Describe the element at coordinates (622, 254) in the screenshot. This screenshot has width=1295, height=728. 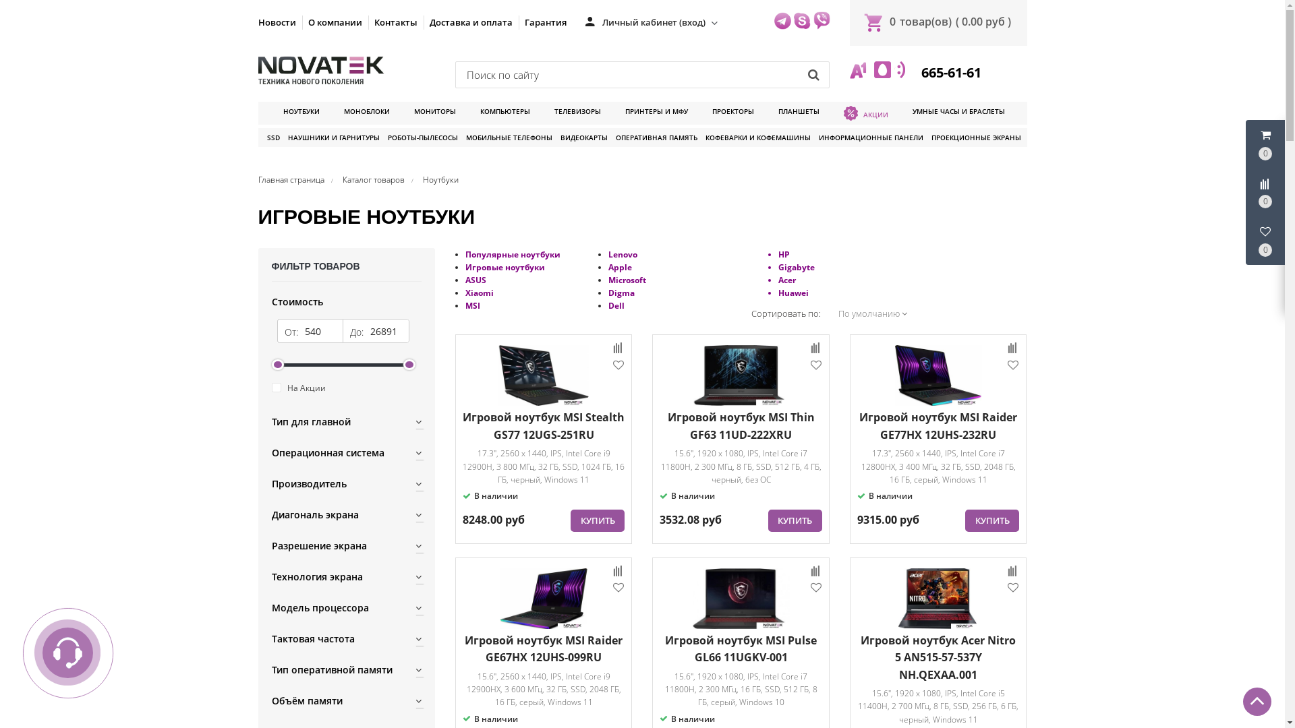
I see `'Lenovo'` at that location.